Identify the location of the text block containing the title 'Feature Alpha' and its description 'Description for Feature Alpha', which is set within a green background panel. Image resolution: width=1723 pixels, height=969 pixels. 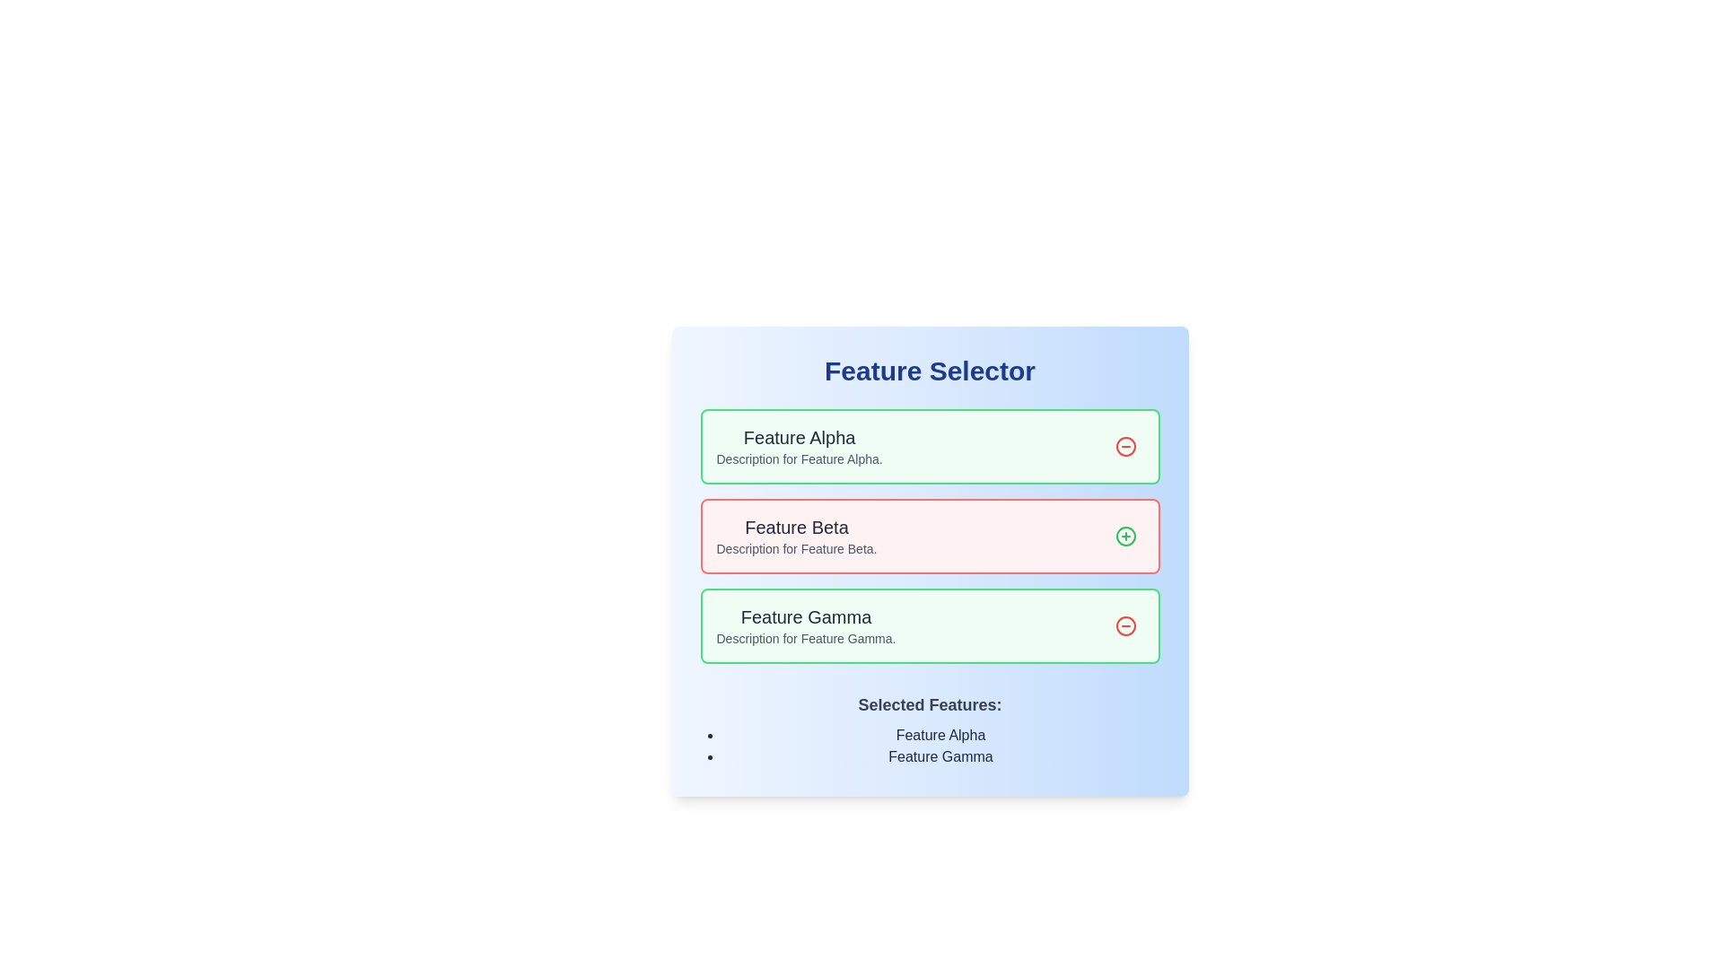
(799, 445).